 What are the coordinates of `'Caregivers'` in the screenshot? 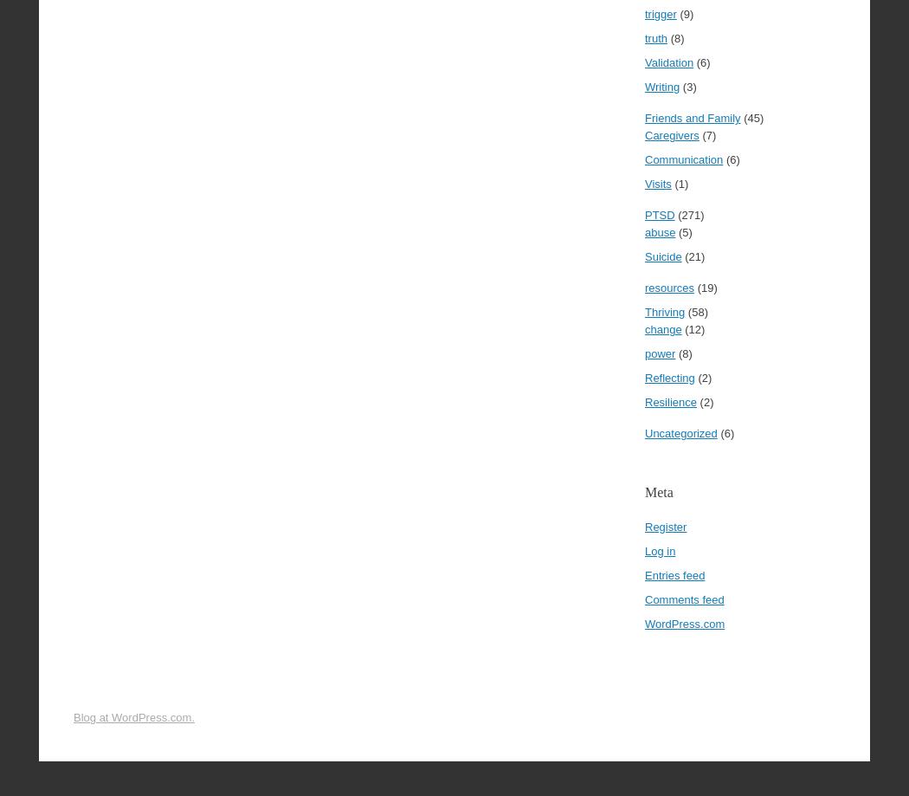 It's located at (643, 134).